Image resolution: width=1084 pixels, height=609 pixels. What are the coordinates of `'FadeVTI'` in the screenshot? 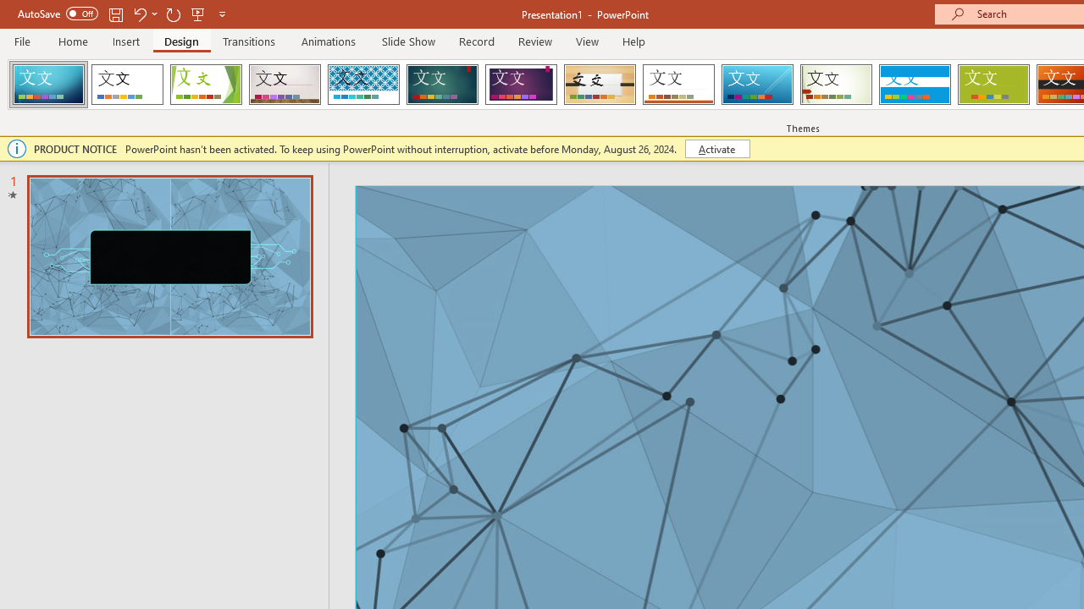 It's located at (48, 85).